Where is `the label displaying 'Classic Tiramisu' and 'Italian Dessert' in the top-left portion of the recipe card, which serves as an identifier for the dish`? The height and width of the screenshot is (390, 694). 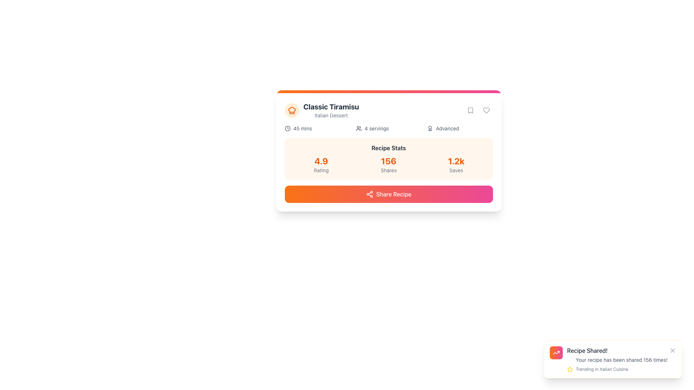
the label displaying 'Classic Tiramisu' and 'Italian Dessert' in the top-left portion of the recipe card, which serves as an identifier for the dish is located at coordinates (321, 110).